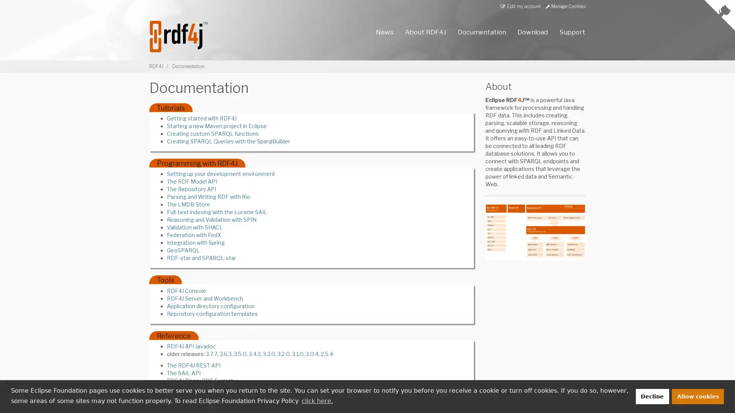  Describe the element at coordinates (317, 400) in the screenshot. I see `learn more about cookies` at that location.